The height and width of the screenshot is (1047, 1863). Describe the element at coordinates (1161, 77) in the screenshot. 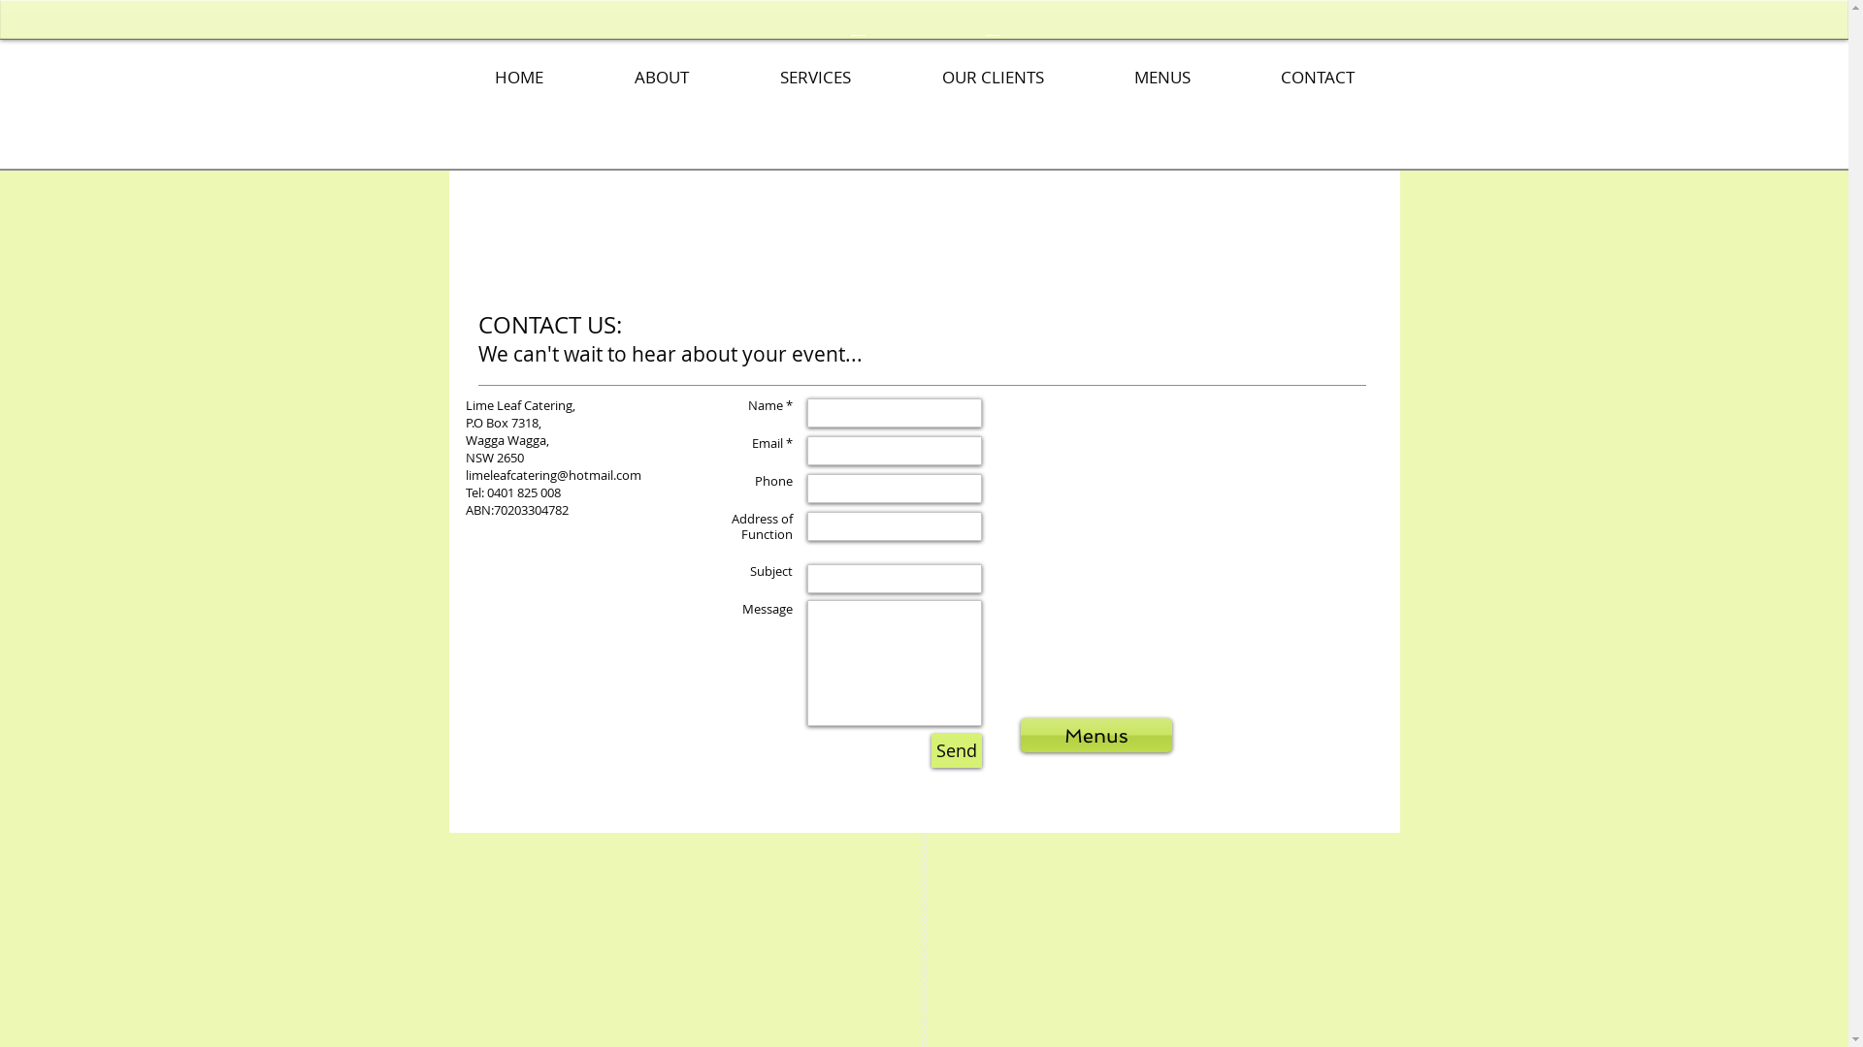

I see `'MENUS'` at that location.